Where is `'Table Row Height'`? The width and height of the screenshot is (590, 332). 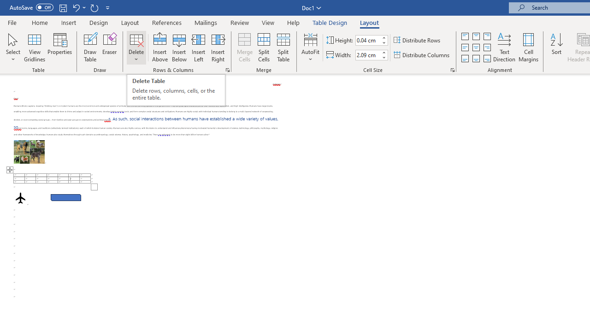 'Table Row Height' is located at coordinates (367, 40).